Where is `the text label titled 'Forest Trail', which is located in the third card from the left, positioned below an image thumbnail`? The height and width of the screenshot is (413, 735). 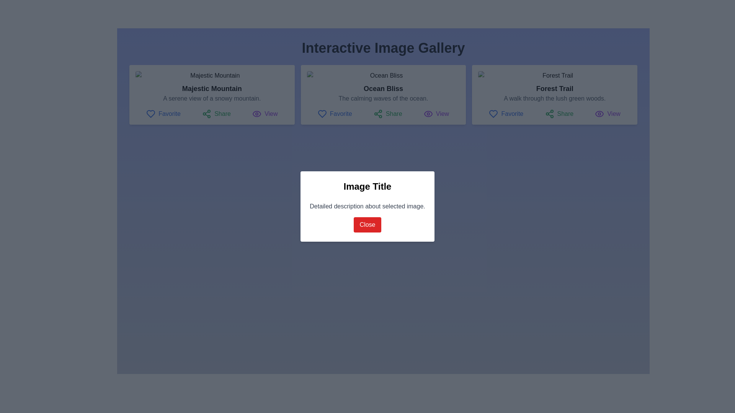 the text label titled 'Forest Trail', which is located in the third card from the left, positioned below an image thumbnail is located at coordinates (555, 88).